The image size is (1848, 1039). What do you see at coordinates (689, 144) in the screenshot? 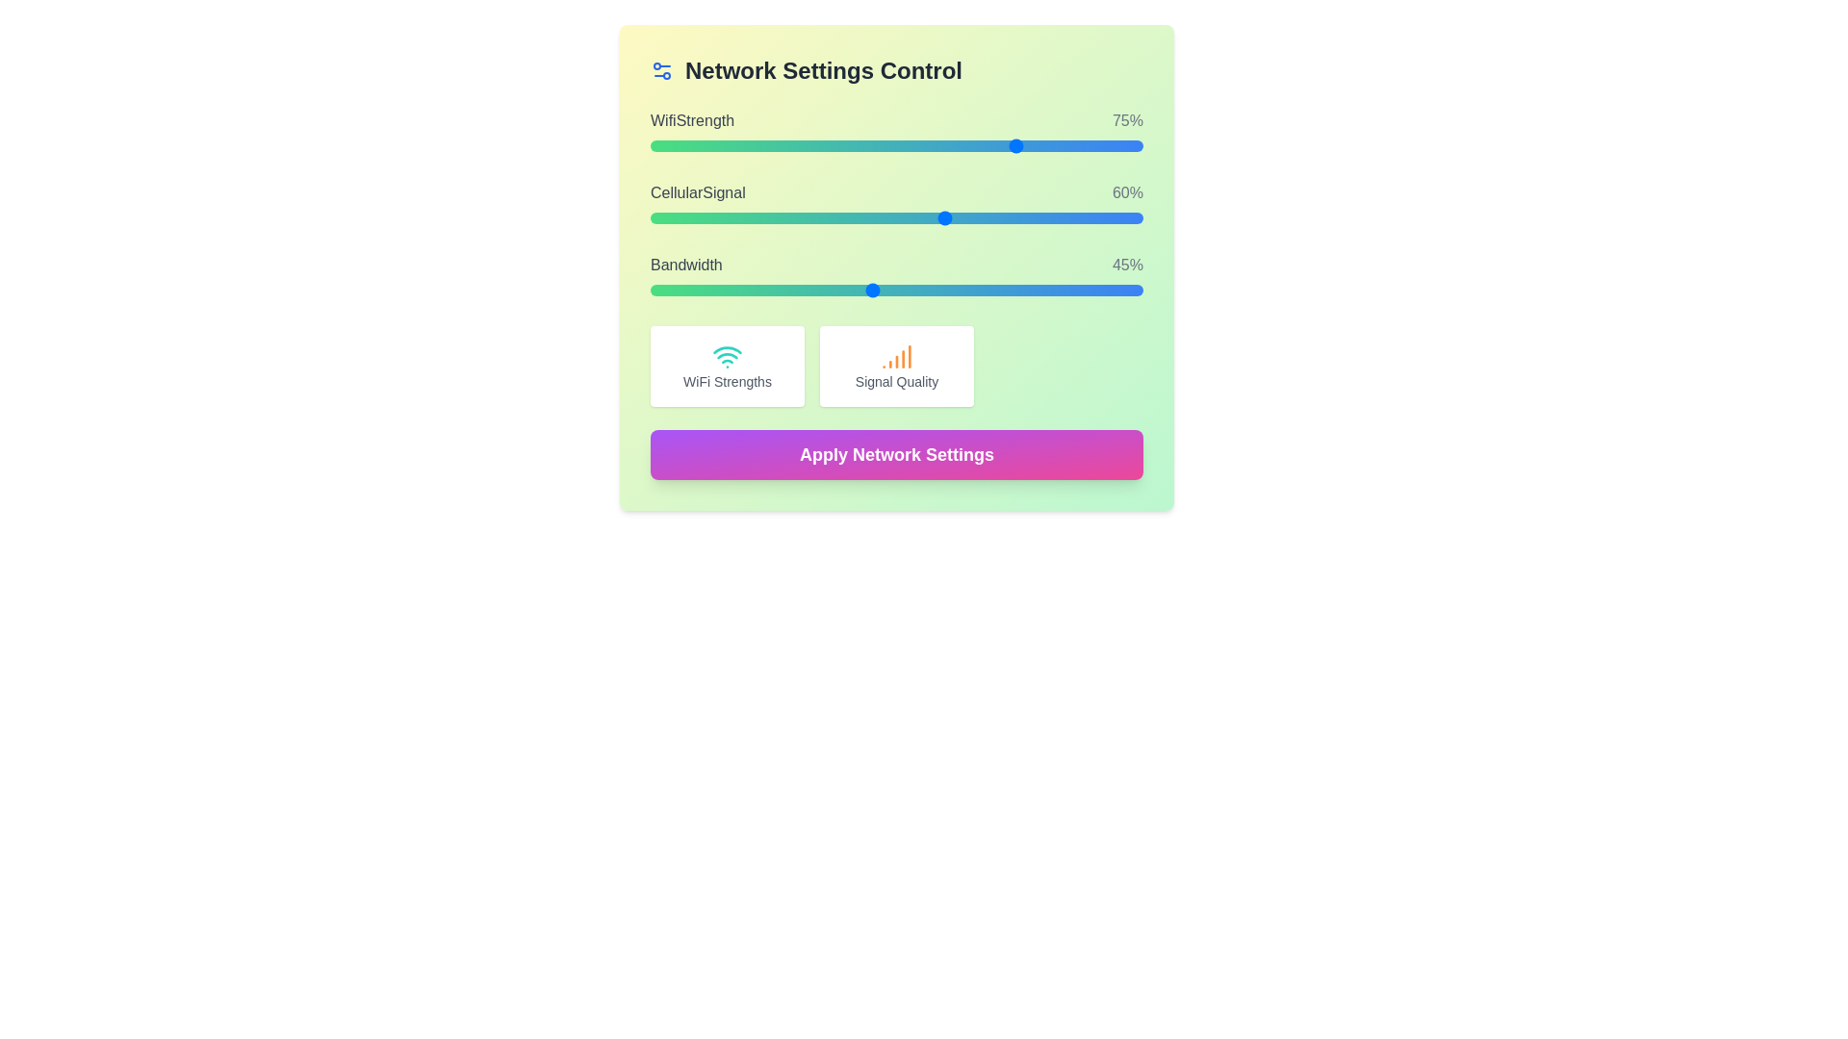
I see `the WiFi strength` at bounding box center [689, 144].